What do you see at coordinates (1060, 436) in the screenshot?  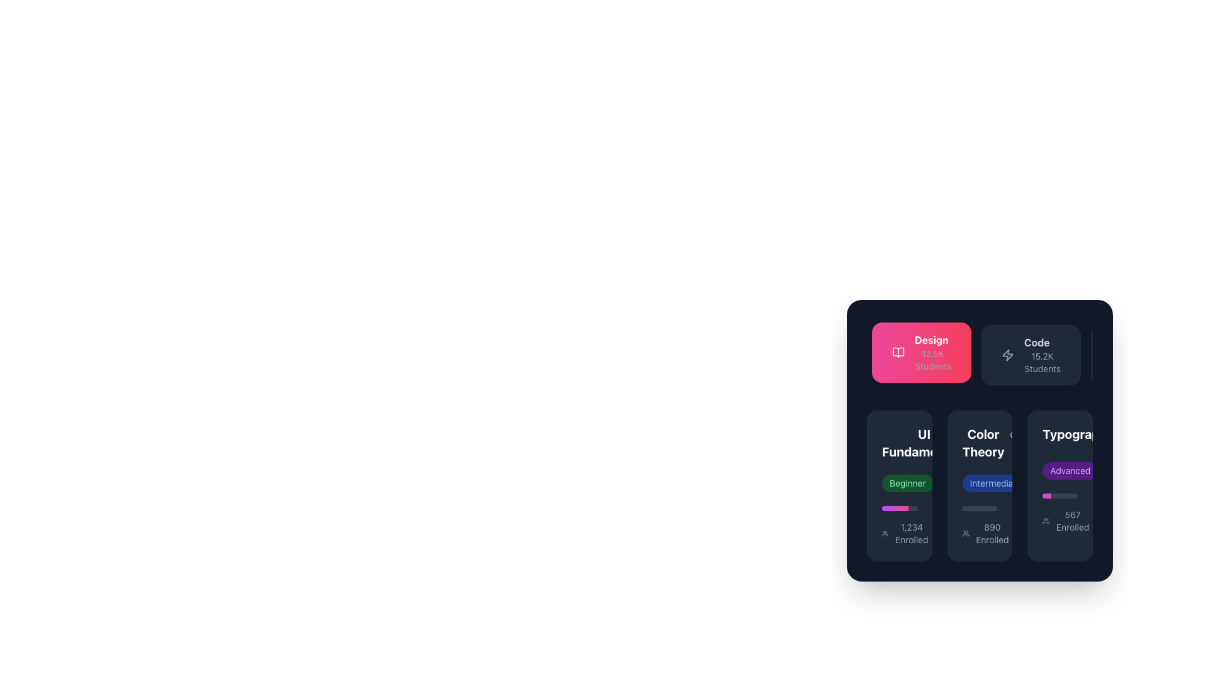 I see `the text label displaying 'Typography', which is styled in bold white font on a dark rectangular card background located in the top-right card of the grid` at bounding box center [1060, 436].